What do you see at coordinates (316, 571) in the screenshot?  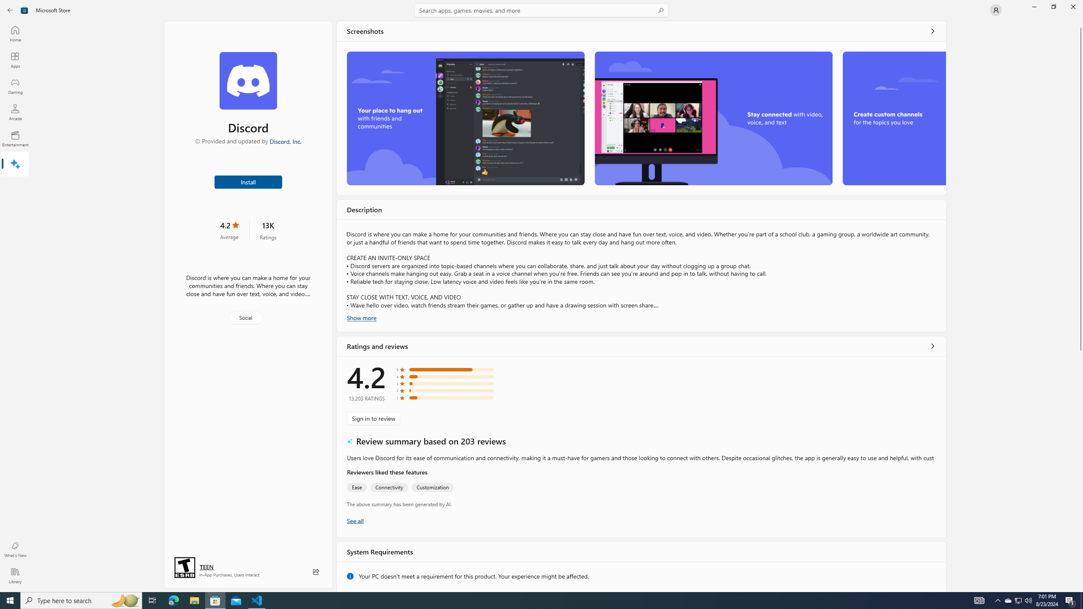 I see `'Share'` at bounding box center [316, 571].